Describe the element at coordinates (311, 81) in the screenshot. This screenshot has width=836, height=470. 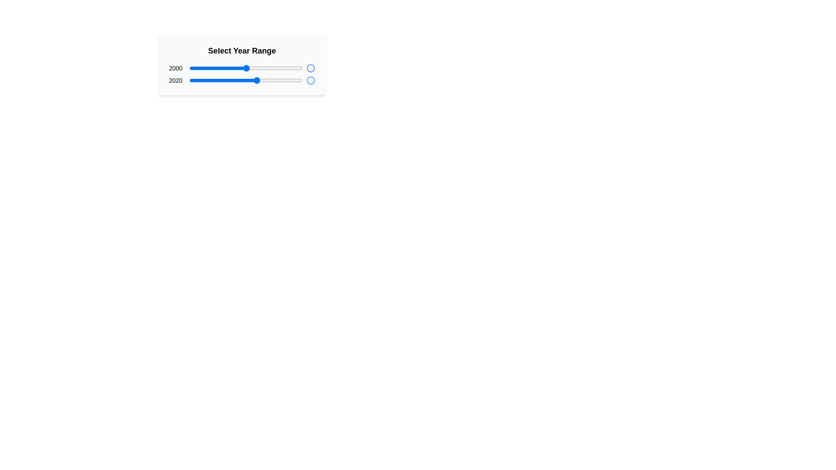
I see `the Circle SVG element located to the right of the label '2020' and the bottom slider` at that location.